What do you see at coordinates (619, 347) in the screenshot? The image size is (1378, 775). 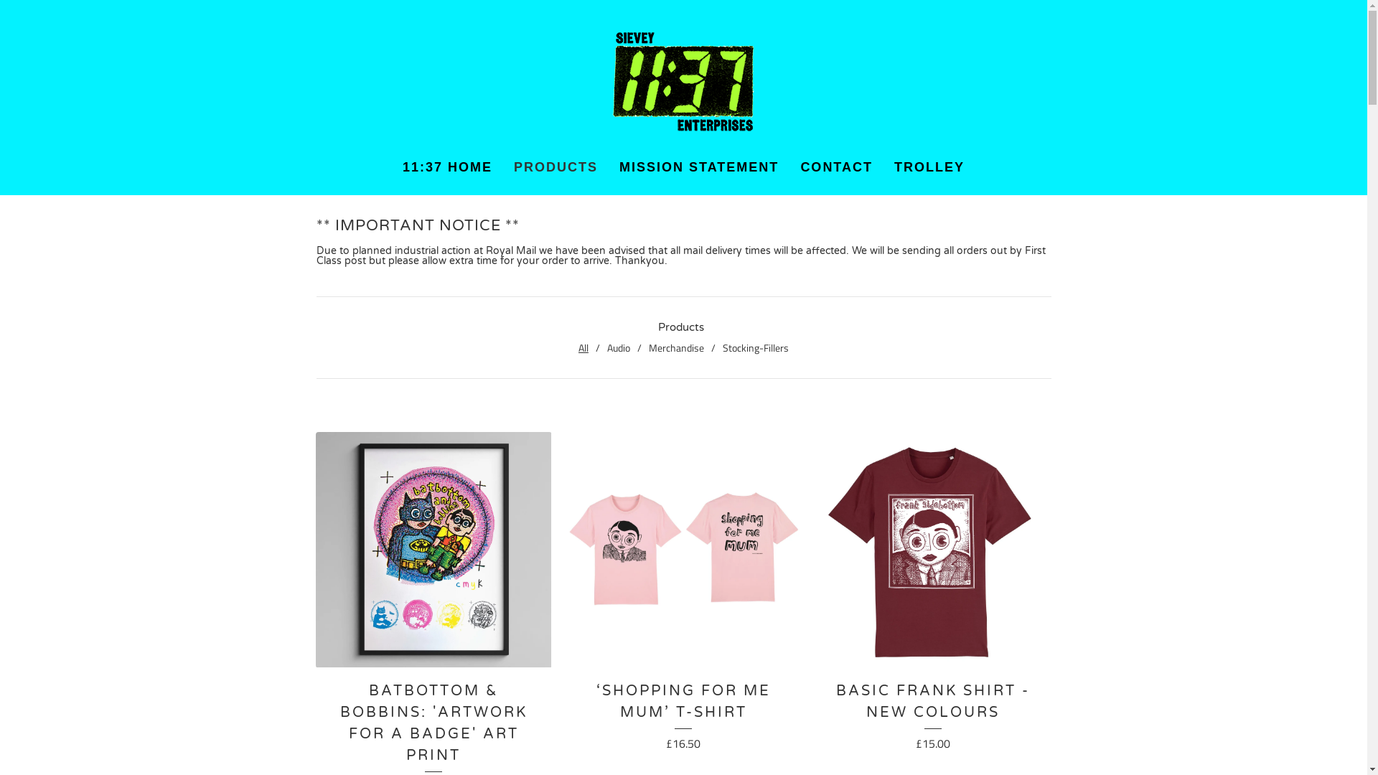 I see `'Audio'` at bounding box center [619, 347].